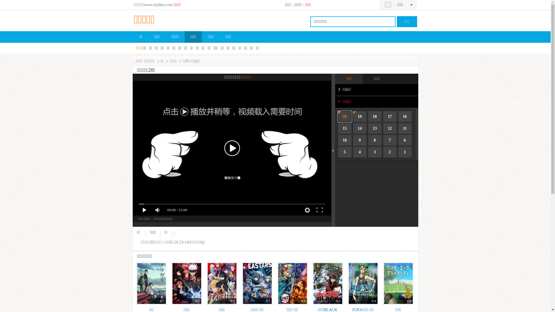 This screenshot has width=555, height=312. Describe the element at coordinates (368, 116) in the screenshot. I see `'18'` at that location.